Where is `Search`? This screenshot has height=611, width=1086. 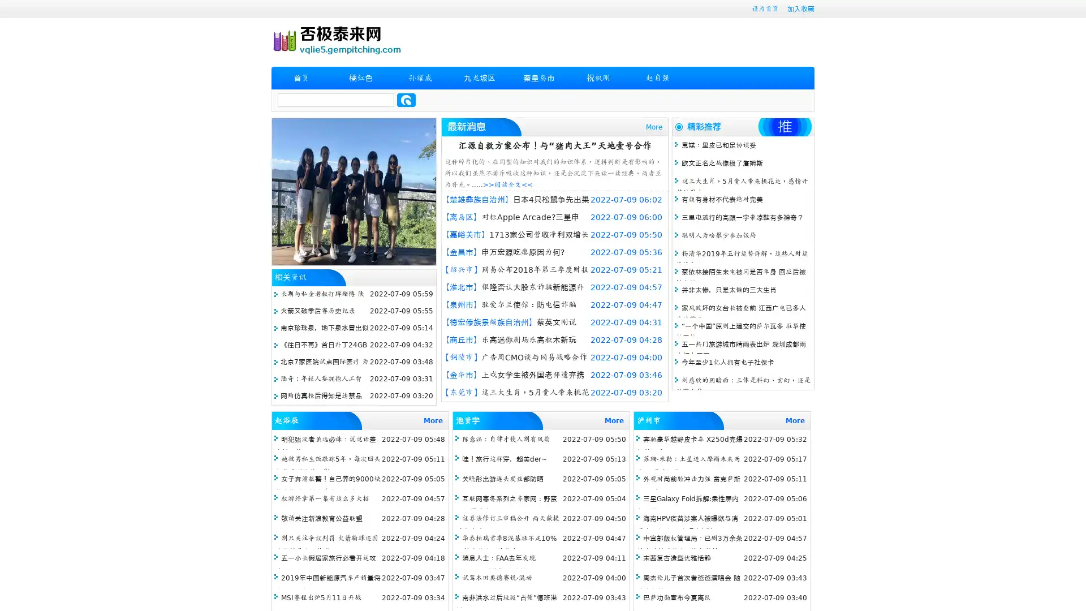 Search is located at coordinates (406, 100).